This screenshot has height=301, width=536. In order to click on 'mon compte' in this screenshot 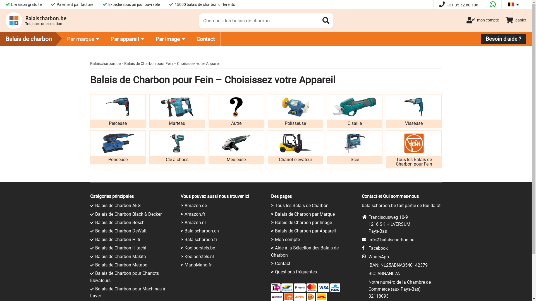, I will do `click(482, 20)`.